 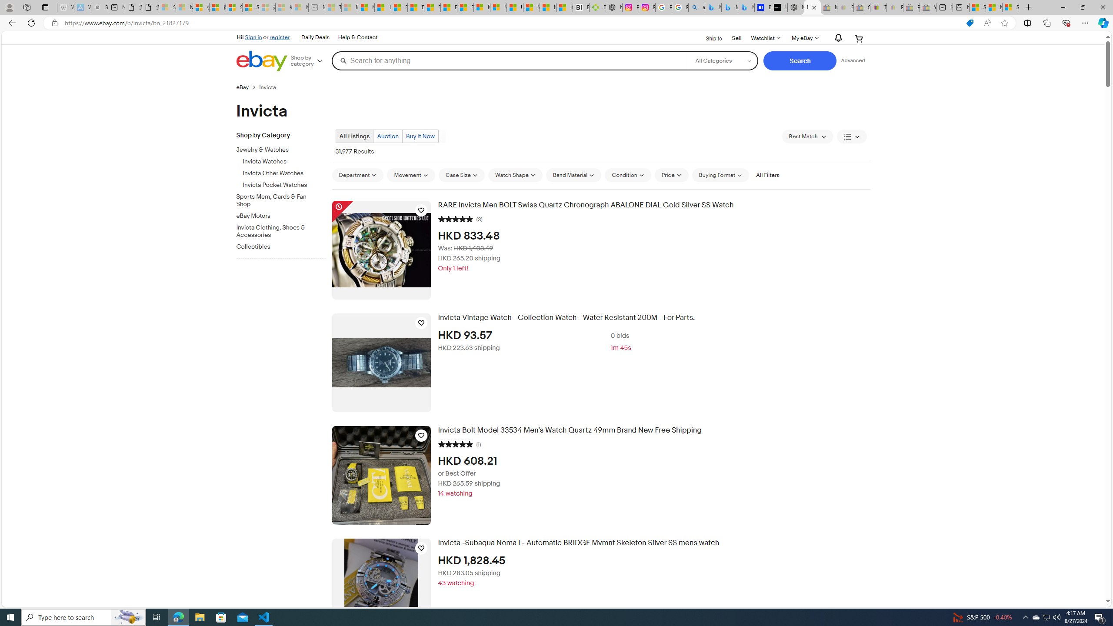 I want to click on 'Invicta Clothing, Shoes & Accessories', so click(x=284, y=230).